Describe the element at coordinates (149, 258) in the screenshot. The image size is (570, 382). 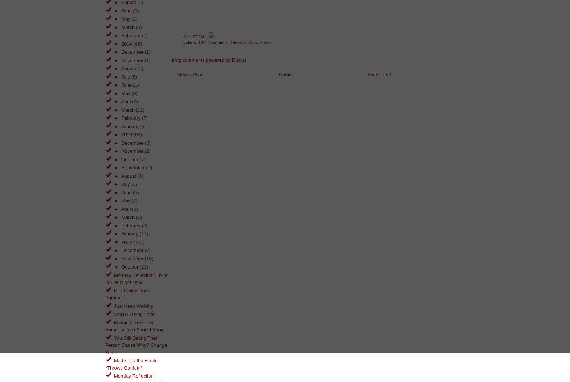
I see `'(15)'` at that location.